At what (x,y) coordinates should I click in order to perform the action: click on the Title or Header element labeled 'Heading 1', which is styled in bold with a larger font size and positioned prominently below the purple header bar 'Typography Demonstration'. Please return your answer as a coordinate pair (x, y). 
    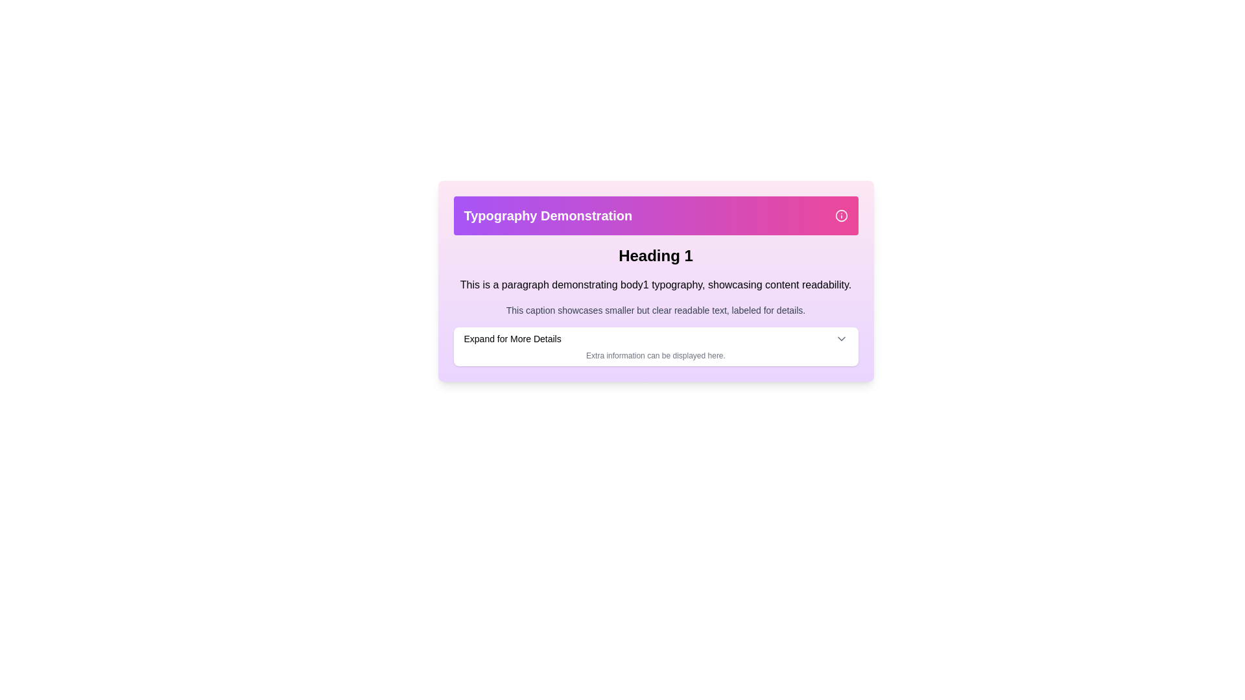
    Looking at the image, I should click on (656, 255).